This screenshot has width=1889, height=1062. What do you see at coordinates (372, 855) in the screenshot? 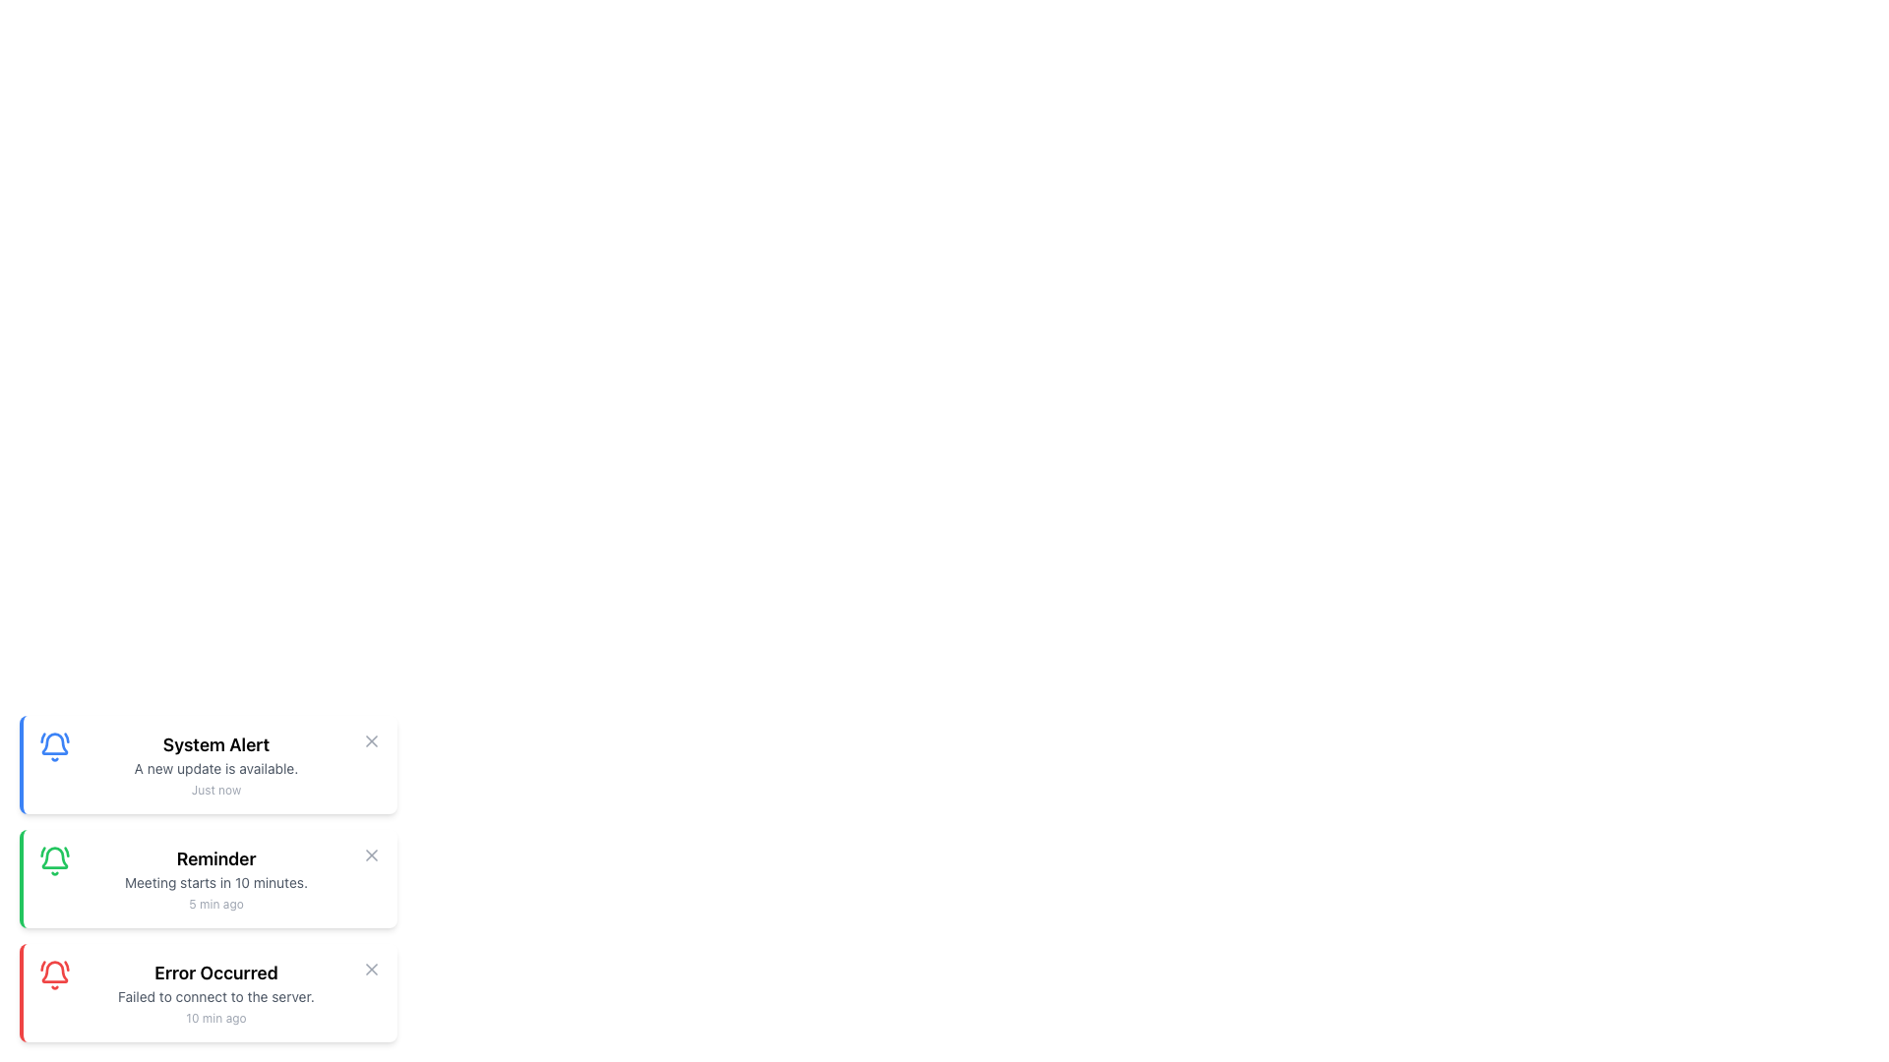
I see `the 'close' button located at the top right corner of the 'Reminder' notification card` at bounding box center [372, 855].